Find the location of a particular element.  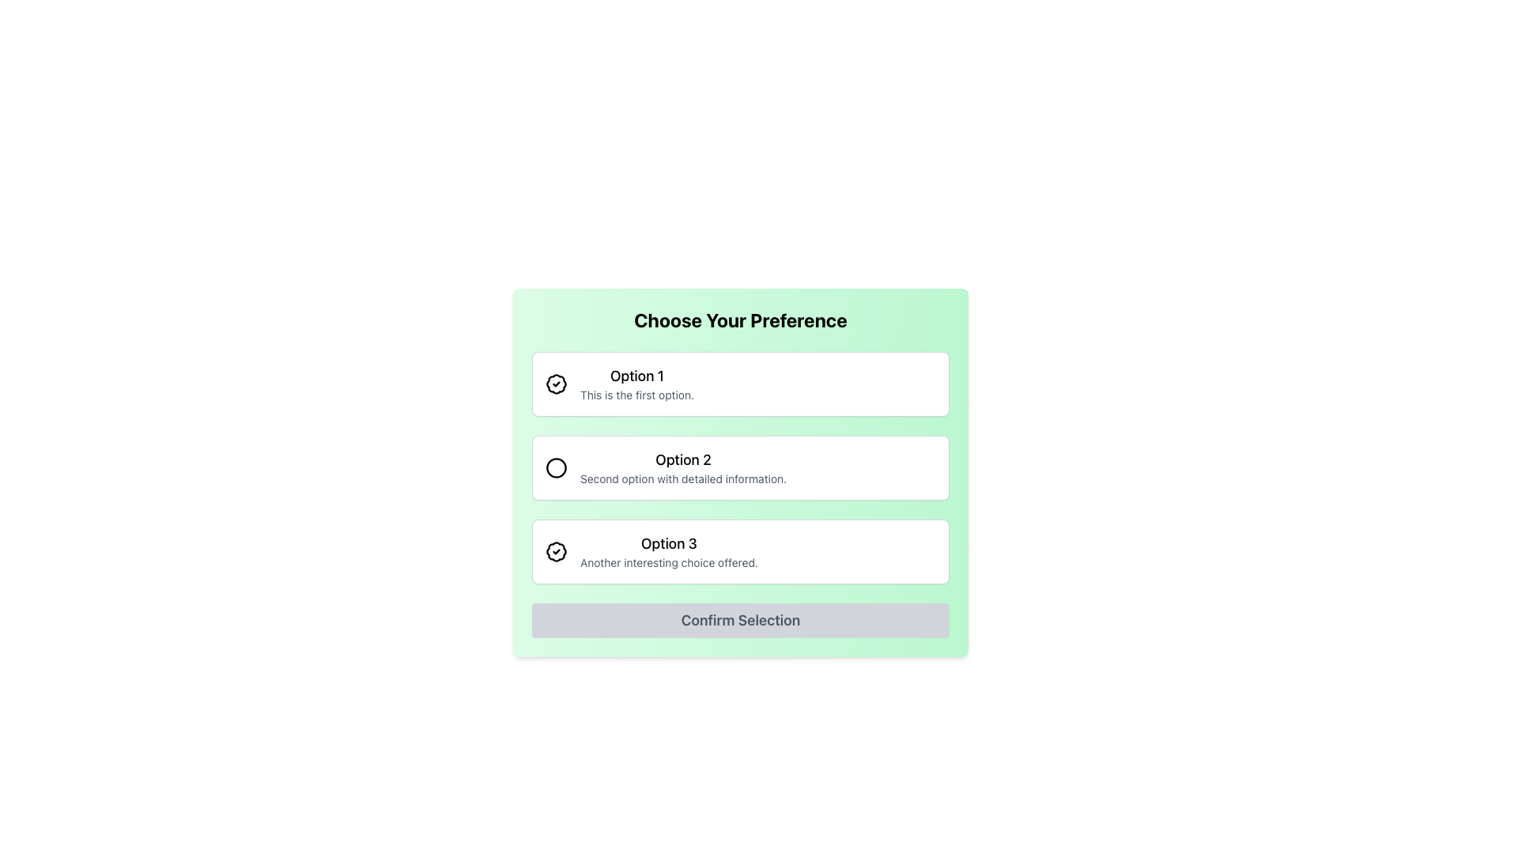

the descriptive title for the third choice in a list of selectable options, which is located in the middle portion of its card is located at coordinates (669, 542).